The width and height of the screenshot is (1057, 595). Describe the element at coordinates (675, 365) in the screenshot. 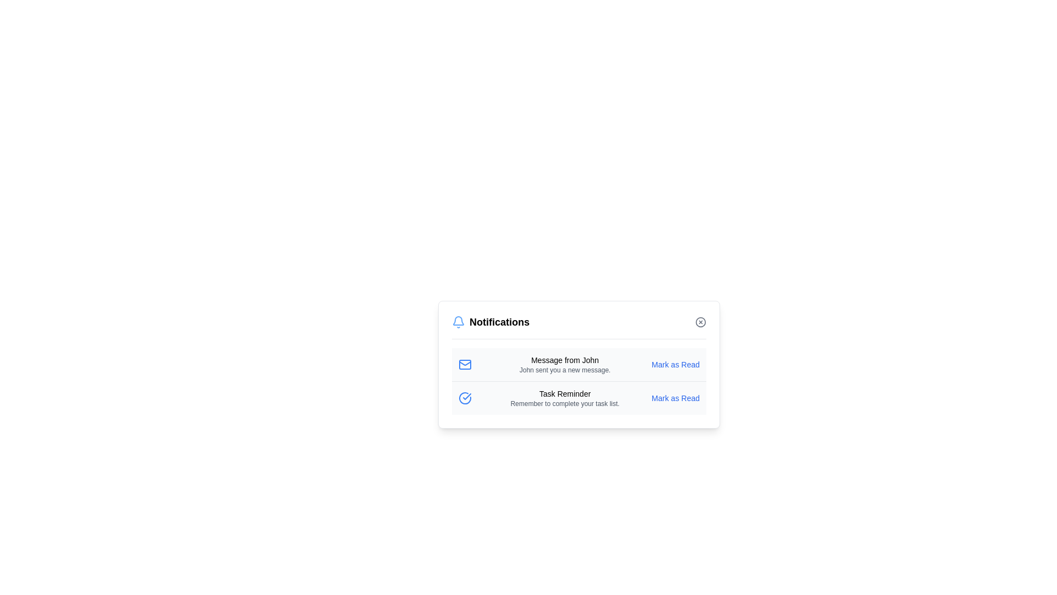

I see `the blue text link 'Mark as Read'` at that location.